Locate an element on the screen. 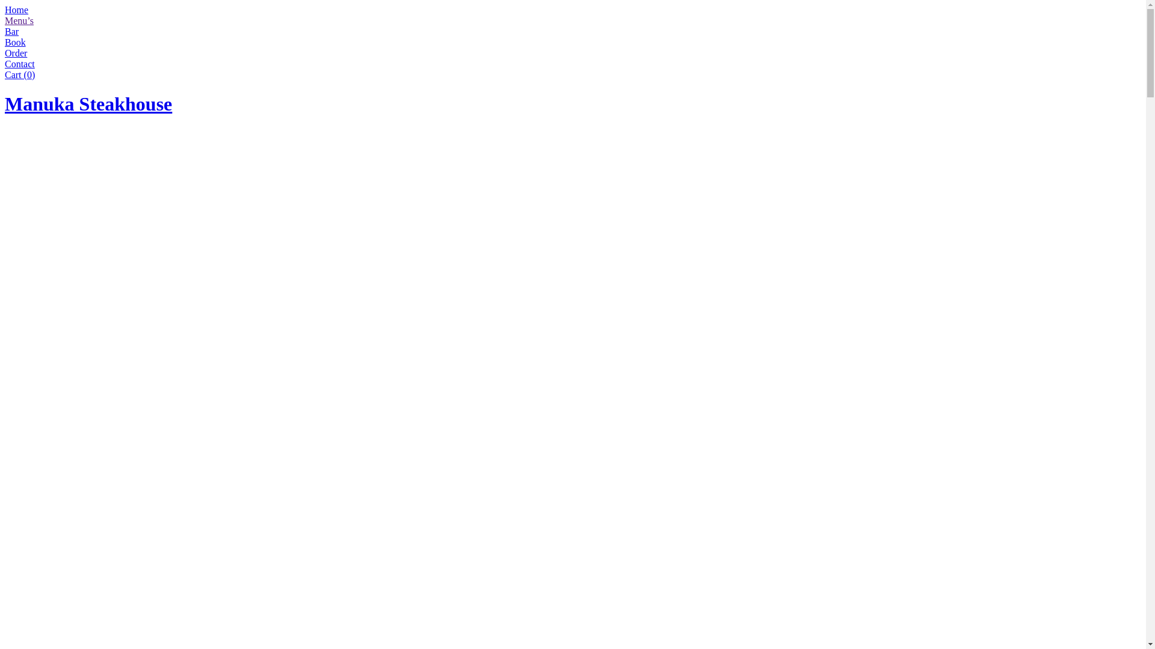 This screenshot has height=649, width=1155. 'Contact' is located at coordinates (20, 64).